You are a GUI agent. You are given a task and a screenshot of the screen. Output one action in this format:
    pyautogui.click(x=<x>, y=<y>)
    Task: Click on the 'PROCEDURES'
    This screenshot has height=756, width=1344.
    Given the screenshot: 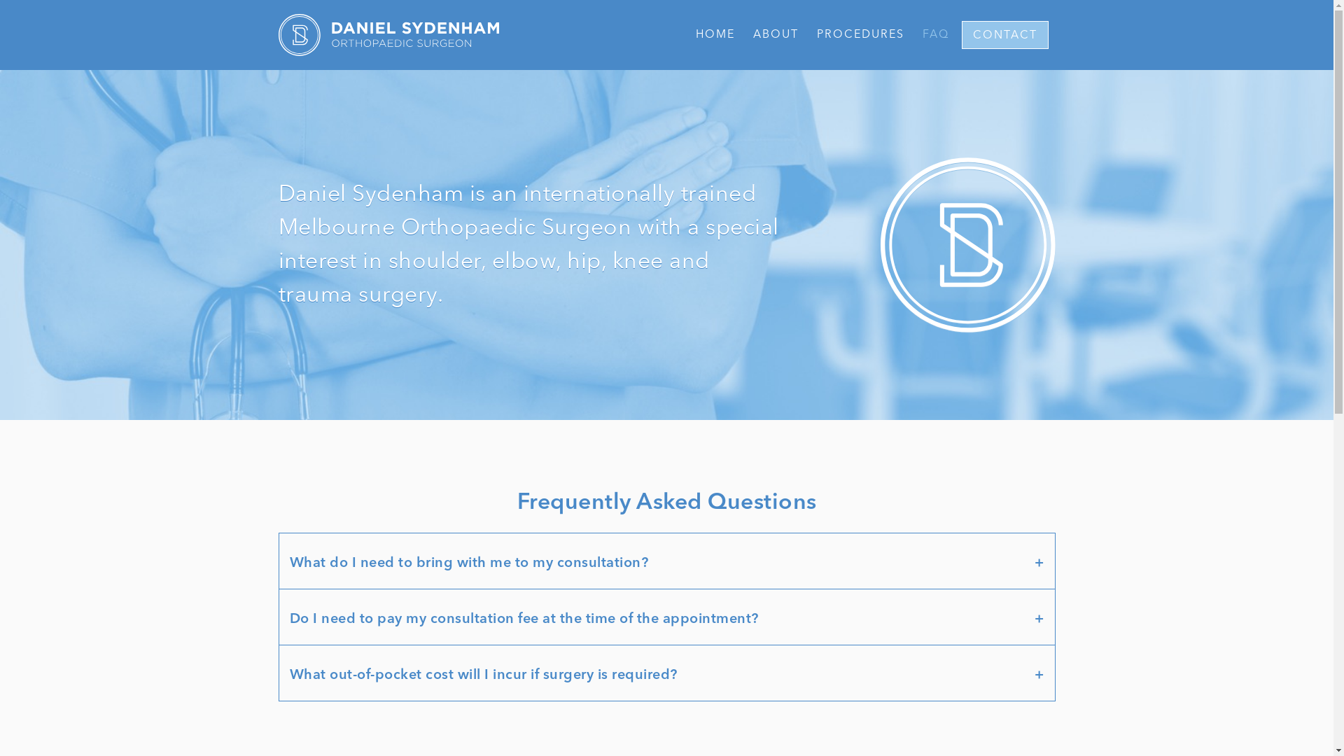 What is the action you would take?
    pyautogui.click(x=810, y=34)
    